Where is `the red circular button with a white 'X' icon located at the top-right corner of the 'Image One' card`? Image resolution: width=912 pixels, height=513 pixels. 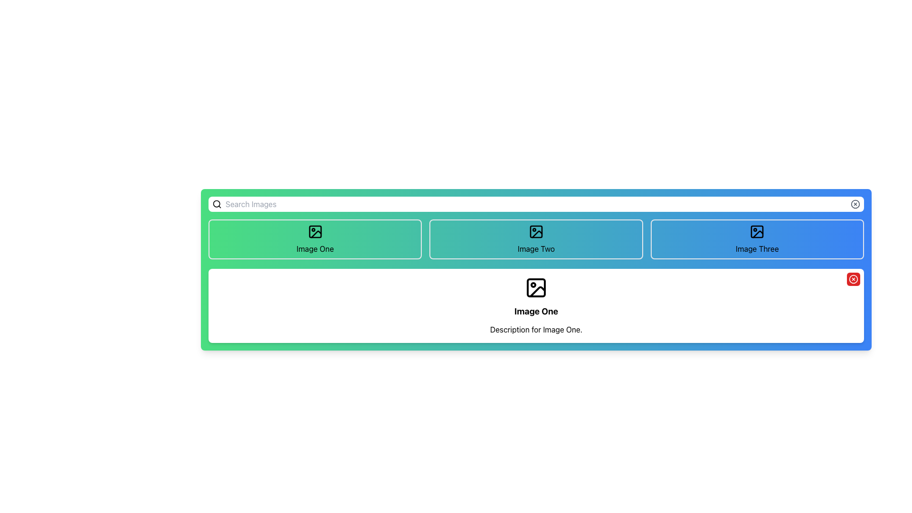
the red circular button with a white 'X' icon located at the top-right corner of the 'Image One' card is located at coordinates (853, 278).